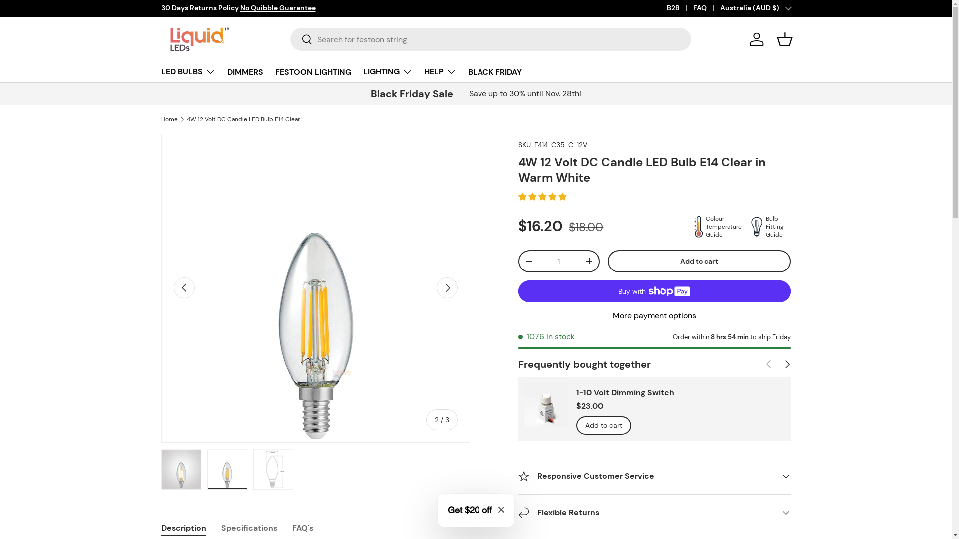  I want to click on '+', so click(589, 261).